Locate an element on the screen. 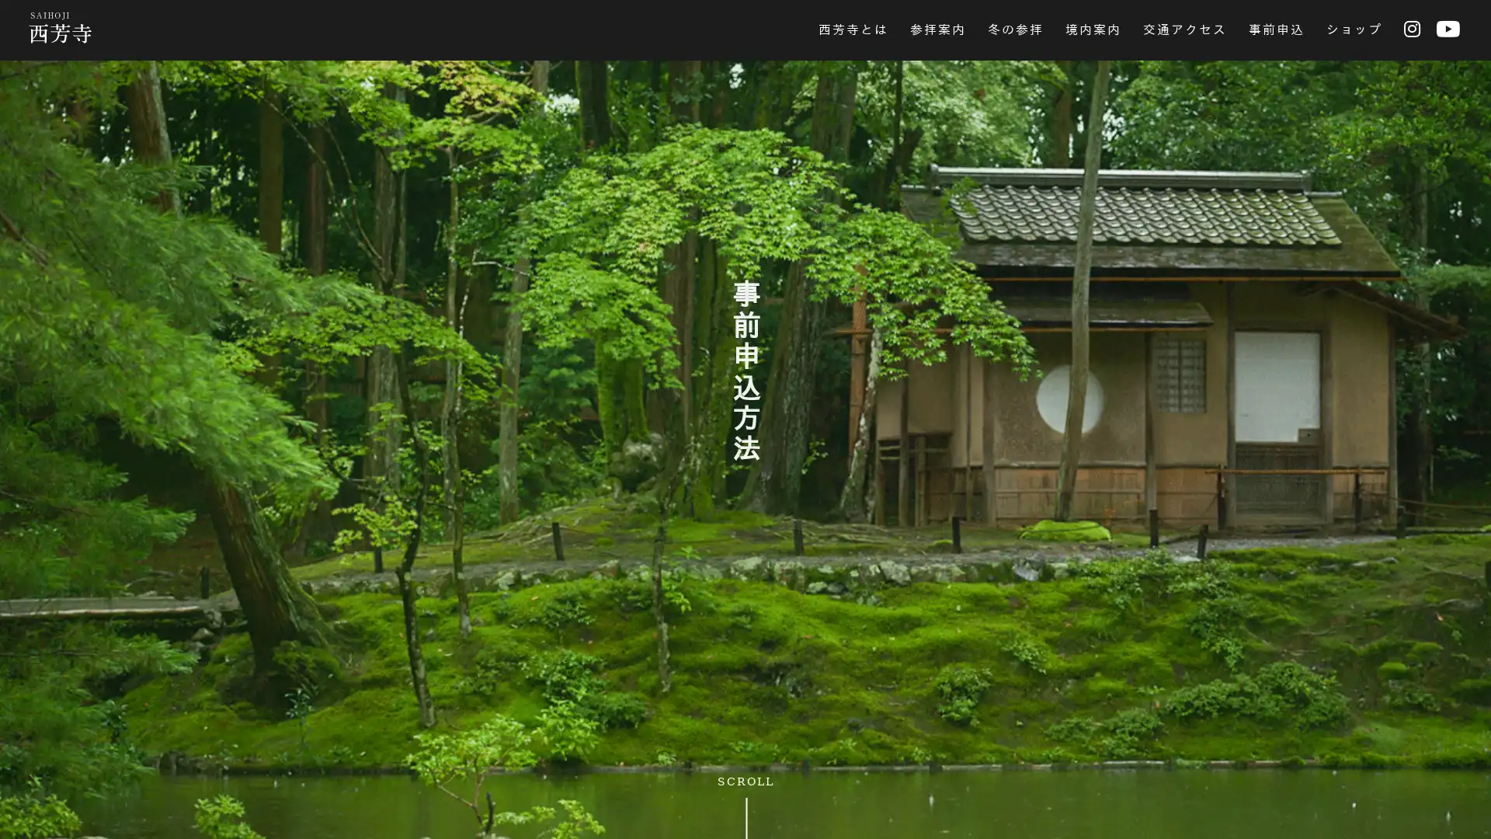 This screenshot has width=1491, height=839. SKIP is located at coordinates (744, 479).